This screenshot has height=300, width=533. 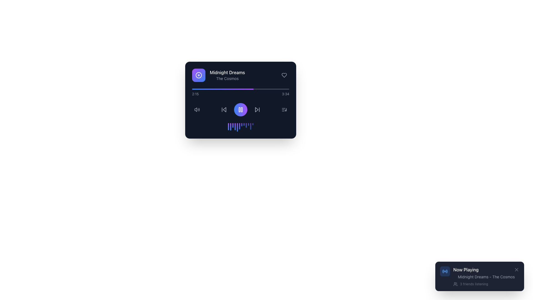 I want to click on text displayed in the title label of the currently playing music track, which is located on the left side of the music player interface, near the top and aligned horizontally with the album artwork icon, so click(x=227, y=72).